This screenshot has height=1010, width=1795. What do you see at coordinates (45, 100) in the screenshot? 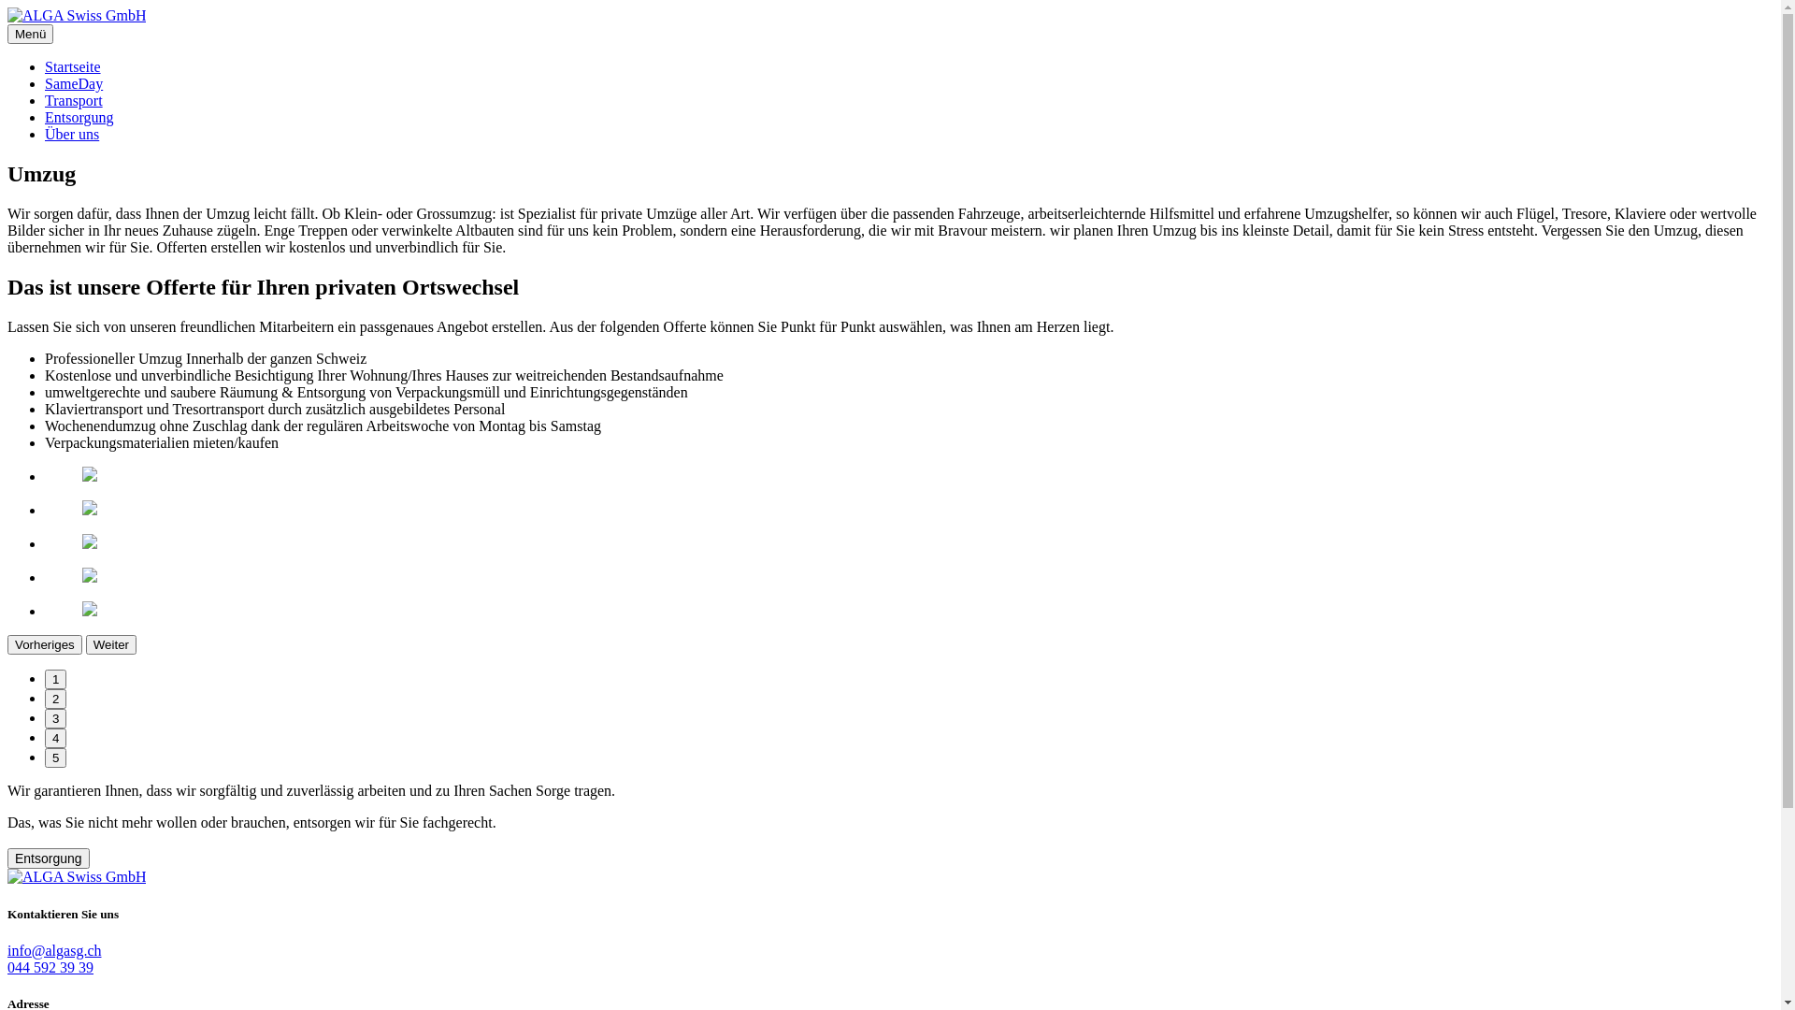
I see `'Transport'` at bounding box center [45, 100].